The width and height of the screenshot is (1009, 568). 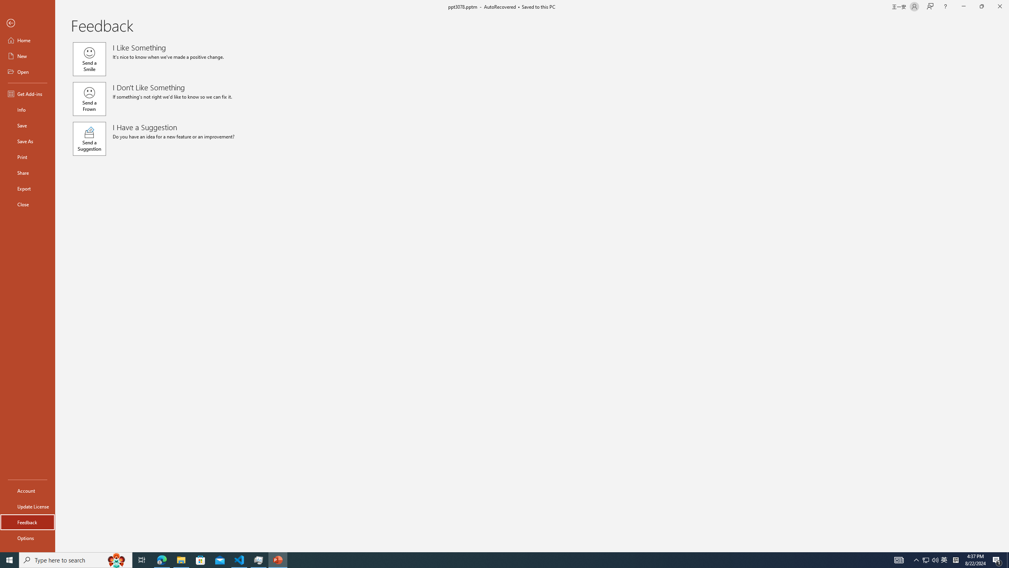 I want to click on 'Update License', so click(x=27, y=506).